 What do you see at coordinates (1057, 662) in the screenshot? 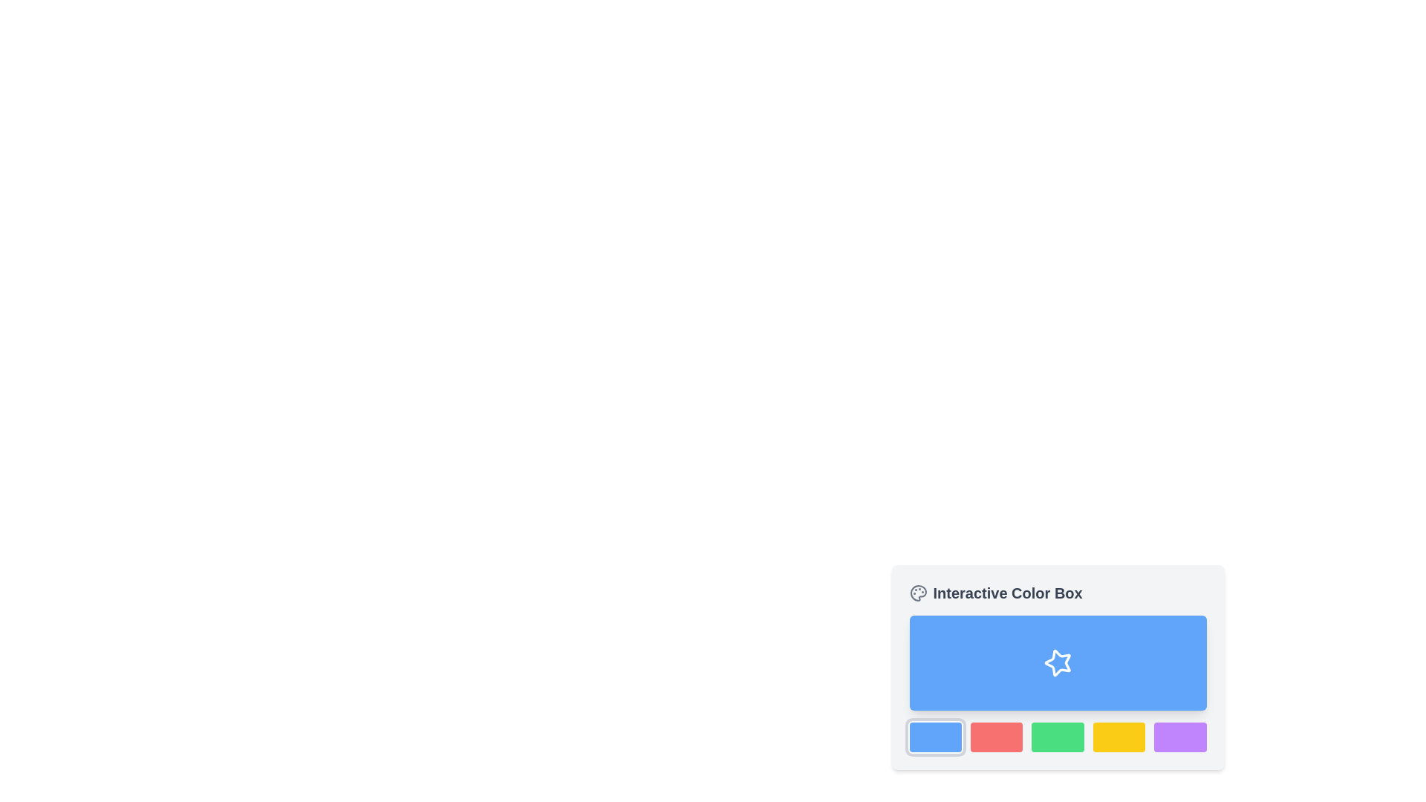
I see `the star-shaped icon with a white outline on a light blue background, located above a row of colored buttons` at bounding box center [1057, 662].